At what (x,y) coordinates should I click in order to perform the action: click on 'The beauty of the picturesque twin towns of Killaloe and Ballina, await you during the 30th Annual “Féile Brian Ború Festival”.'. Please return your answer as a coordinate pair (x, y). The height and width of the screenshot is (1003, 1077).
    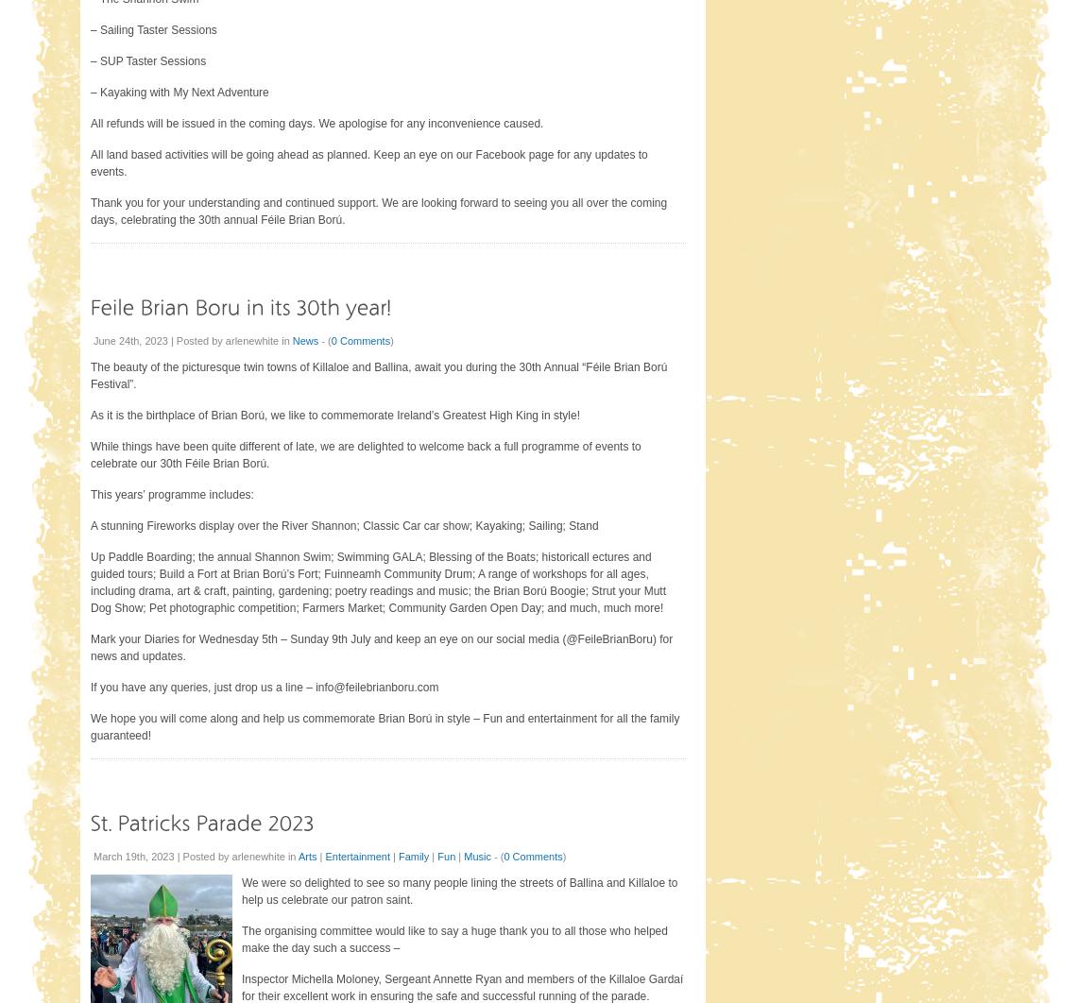
    Looking at the image, I should click on (378, 375).